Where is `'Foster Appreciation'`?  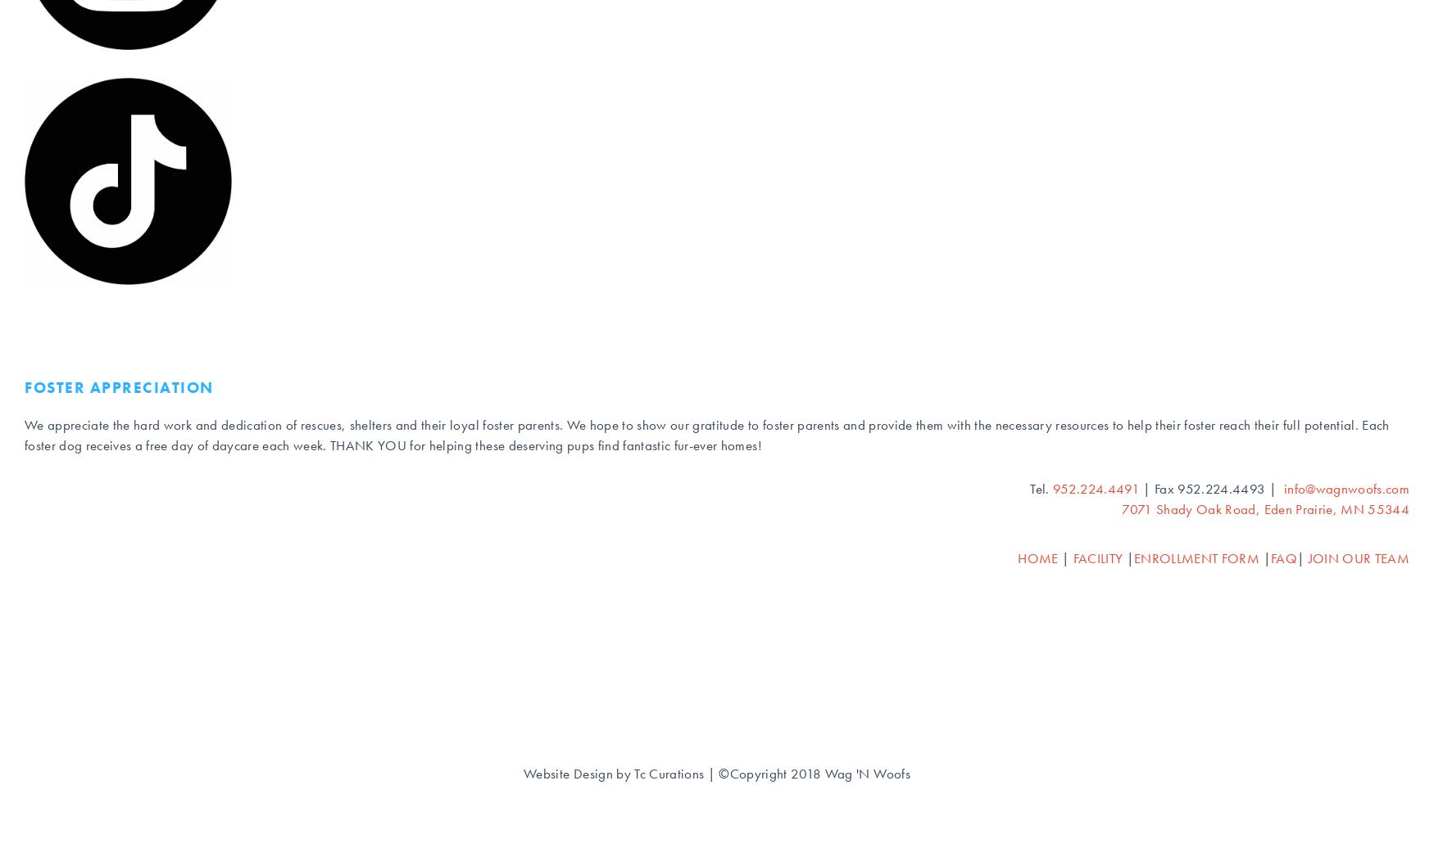
'Foster Appreciation' is located at coordinates (118, 386).